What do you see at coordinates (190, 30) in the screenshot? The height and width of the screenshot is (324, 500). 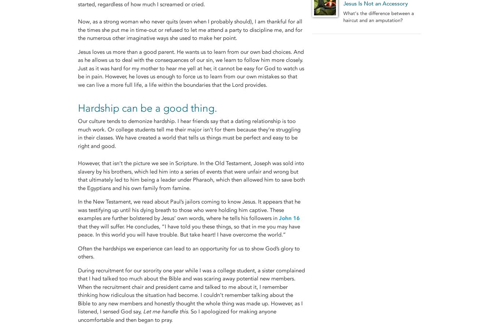 I see `'Now, as a strong woman who never quits (even when I probably should), I am thankful for all the times she put me in time-out or refused to let me attend a party to discipline me, and for the numerous other imaginative ways she used to make her point.'` at bounding box center [190, 30].